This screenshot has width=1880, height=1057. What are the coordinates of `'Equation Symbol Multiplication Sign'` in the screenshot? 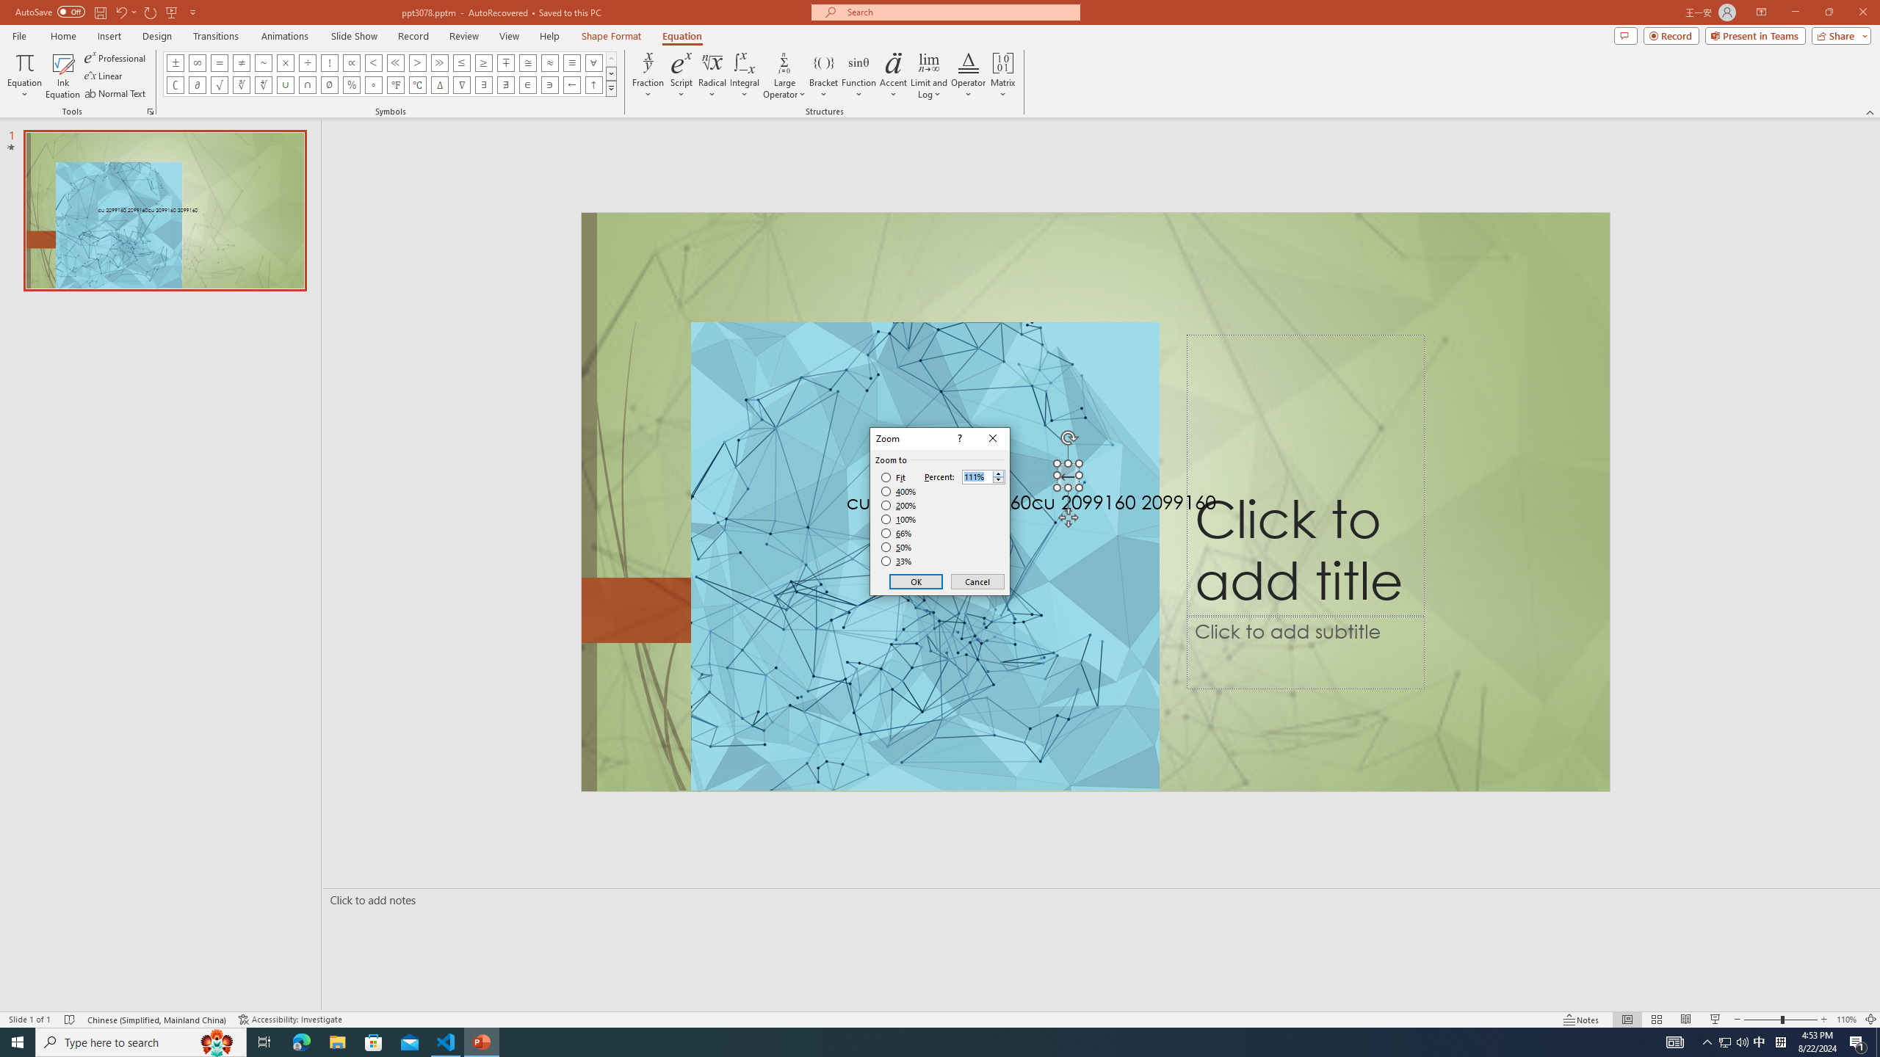 It's located at (285, 62).